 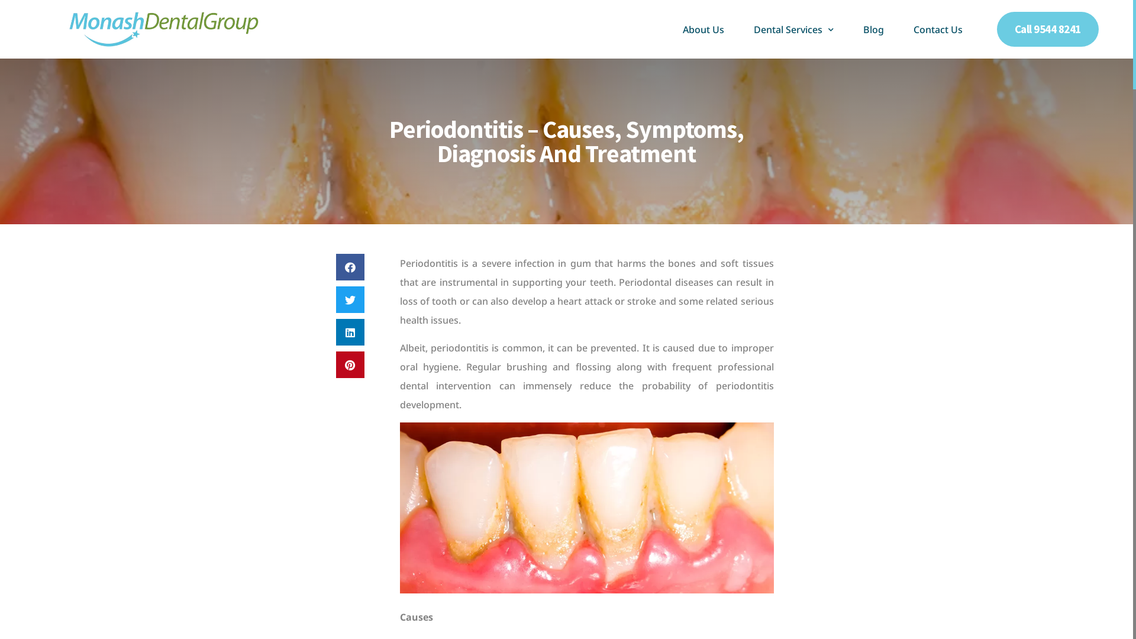 What do you see at coordinates (873, 29) in the screenshot?
I see `'Blog'` at bounding box center [873, 29].